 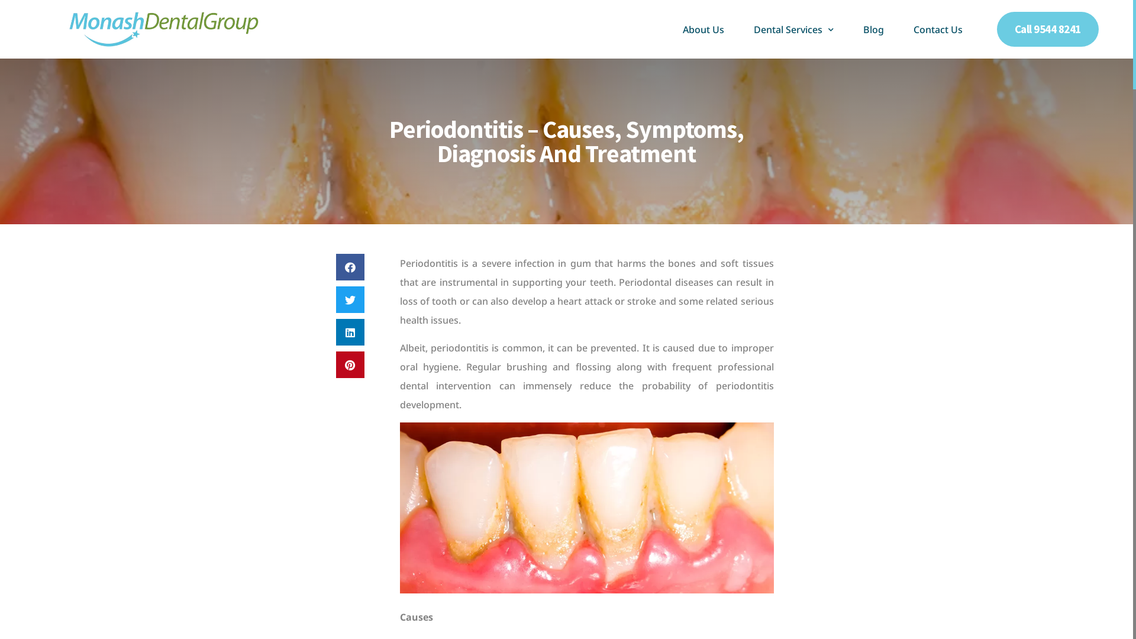 What do you see at coordinates (873, 29) in the screenshot?
I see `'Blog'` at bounding box center [873, 29].